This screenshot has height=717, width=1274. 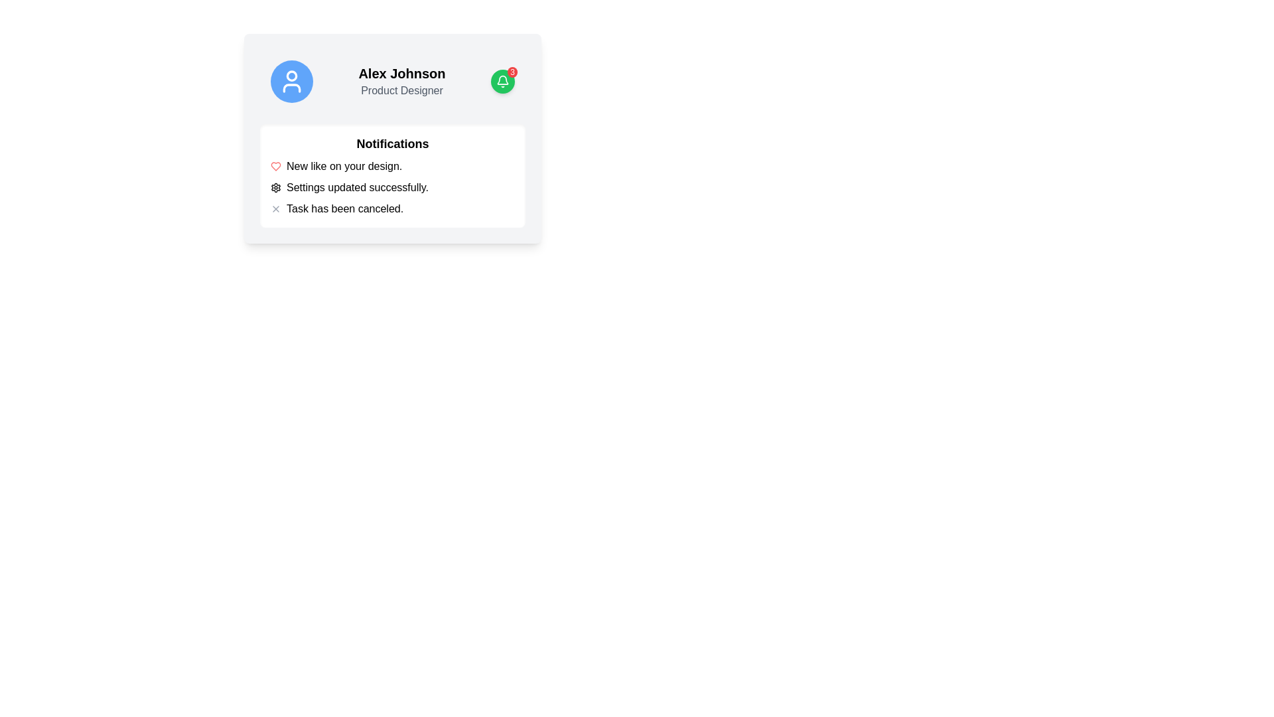 I want to click on notification message 'Settings updated successfully.' that is represented by the second item in the notification list, which includes a gear icon on the left, so click(x=391, y=187).